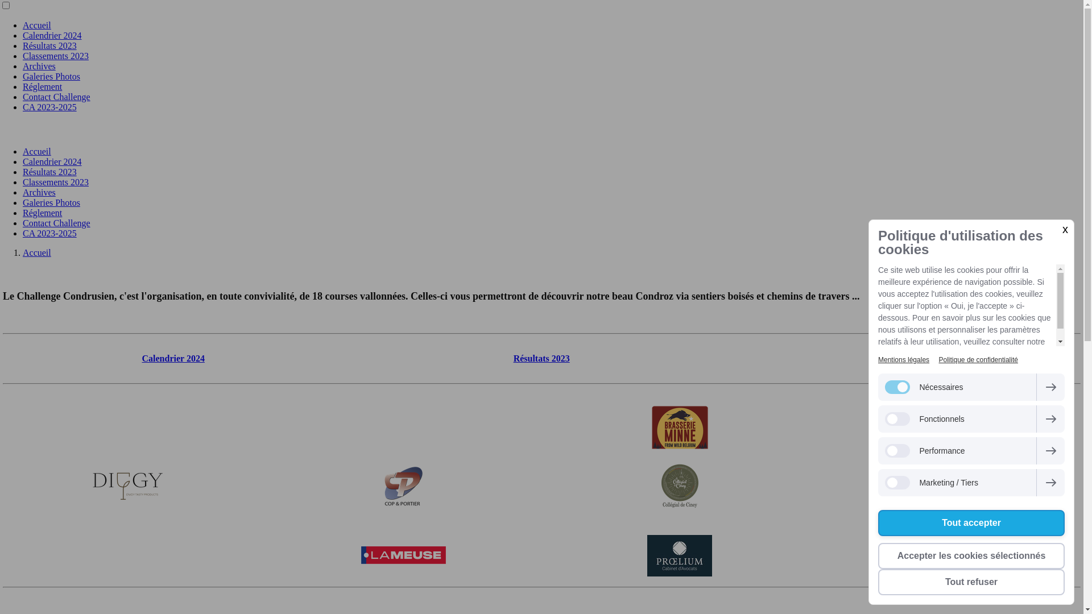  What do you see at coordinates (22, 192) in the screenshot?
I see `'Archives'` at bounding box center [22, 192].